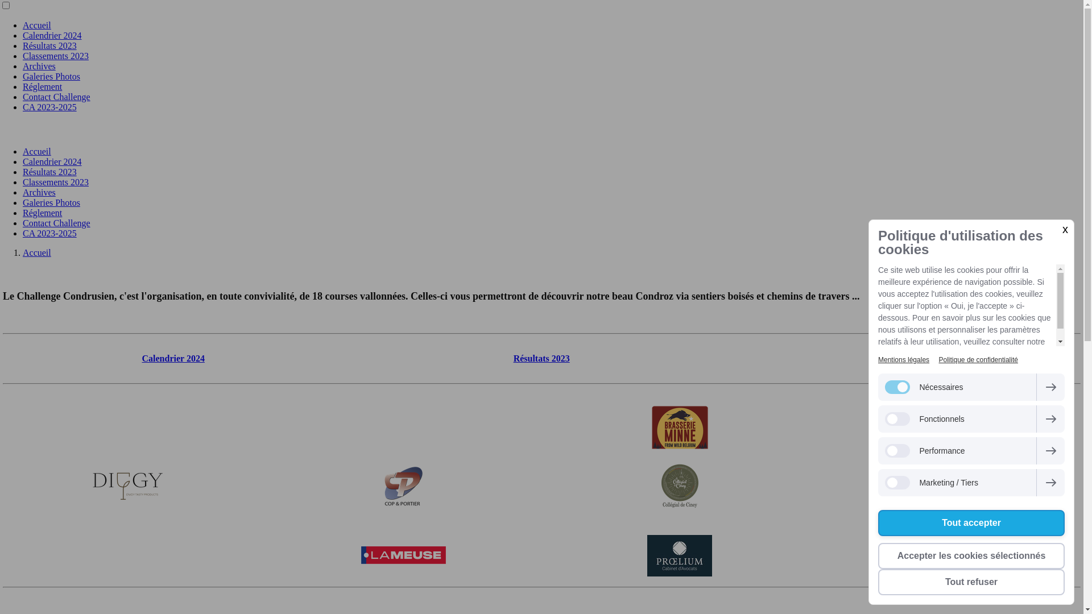  What do you see at coordinates (22, 192) in the screenshot?
I see `'Archives'` at bounding box center [22, 192].